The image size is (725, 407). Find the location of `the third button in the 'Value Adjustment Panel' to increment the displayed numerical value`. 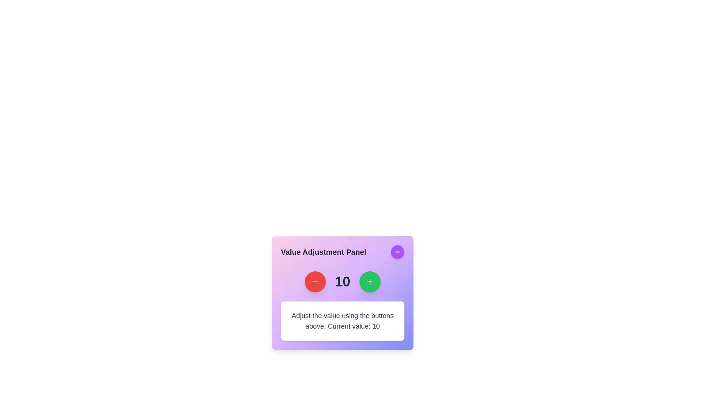

the third button in the 'Value Adjustment Panel' to increment the displayed numerical value is located at coordinates (370, 282).